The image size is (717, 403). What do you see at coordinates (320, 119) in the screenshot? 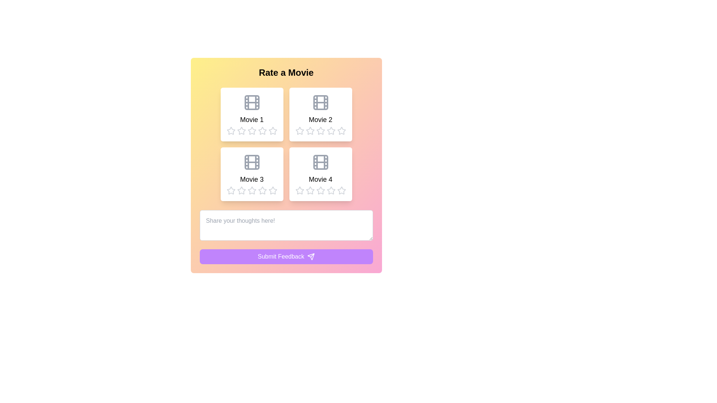
I see `text label indicating the title of the movie, 'Movie 2', located in the top-right section of the card grid, below the film reel icon and above the five-star rating icons` at bounding box center [320, 119].